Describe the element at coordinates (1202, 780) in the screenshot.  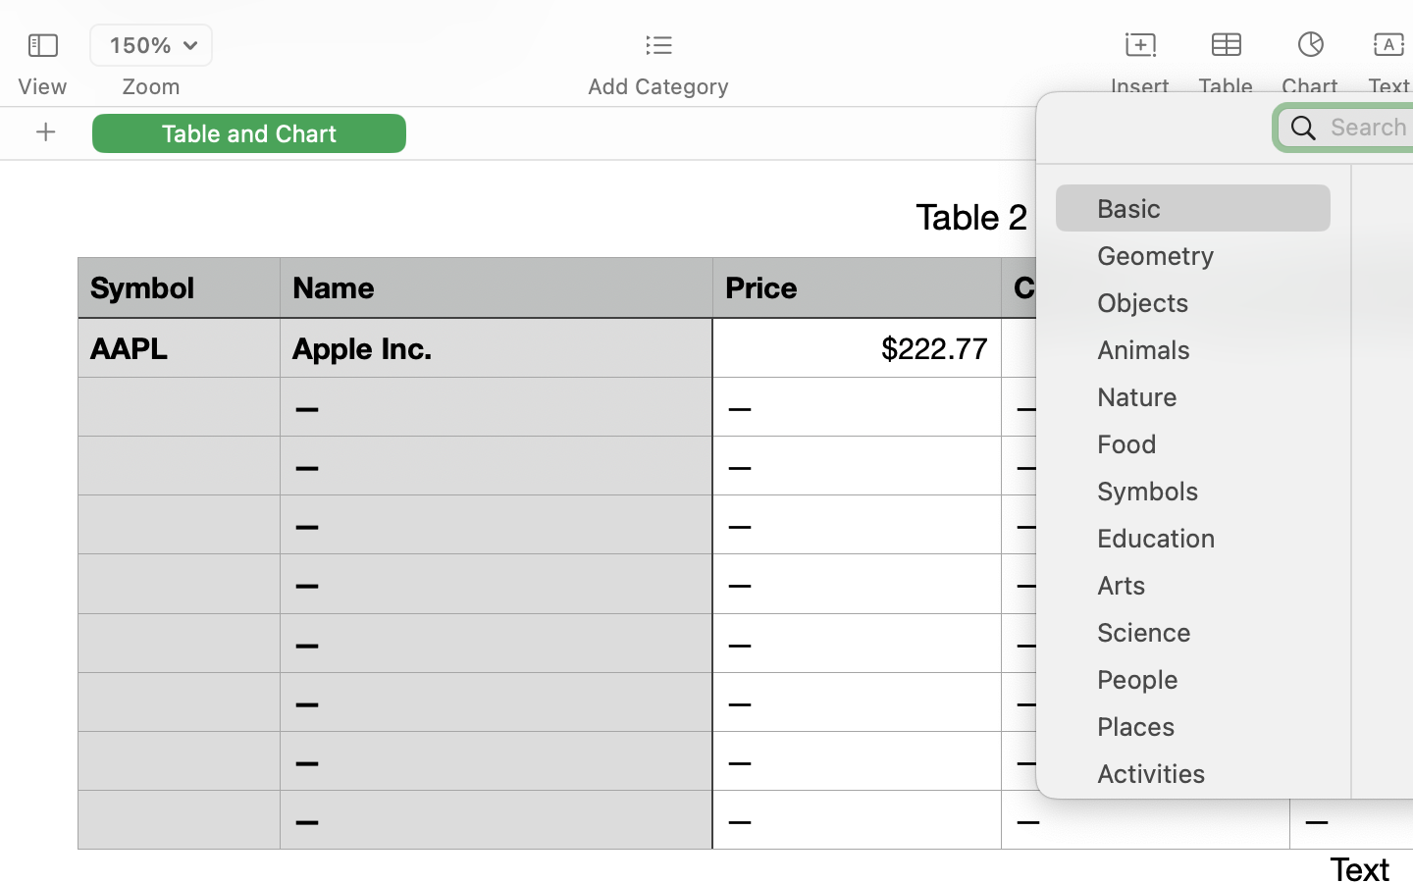
I see `'Activities'` at that location.